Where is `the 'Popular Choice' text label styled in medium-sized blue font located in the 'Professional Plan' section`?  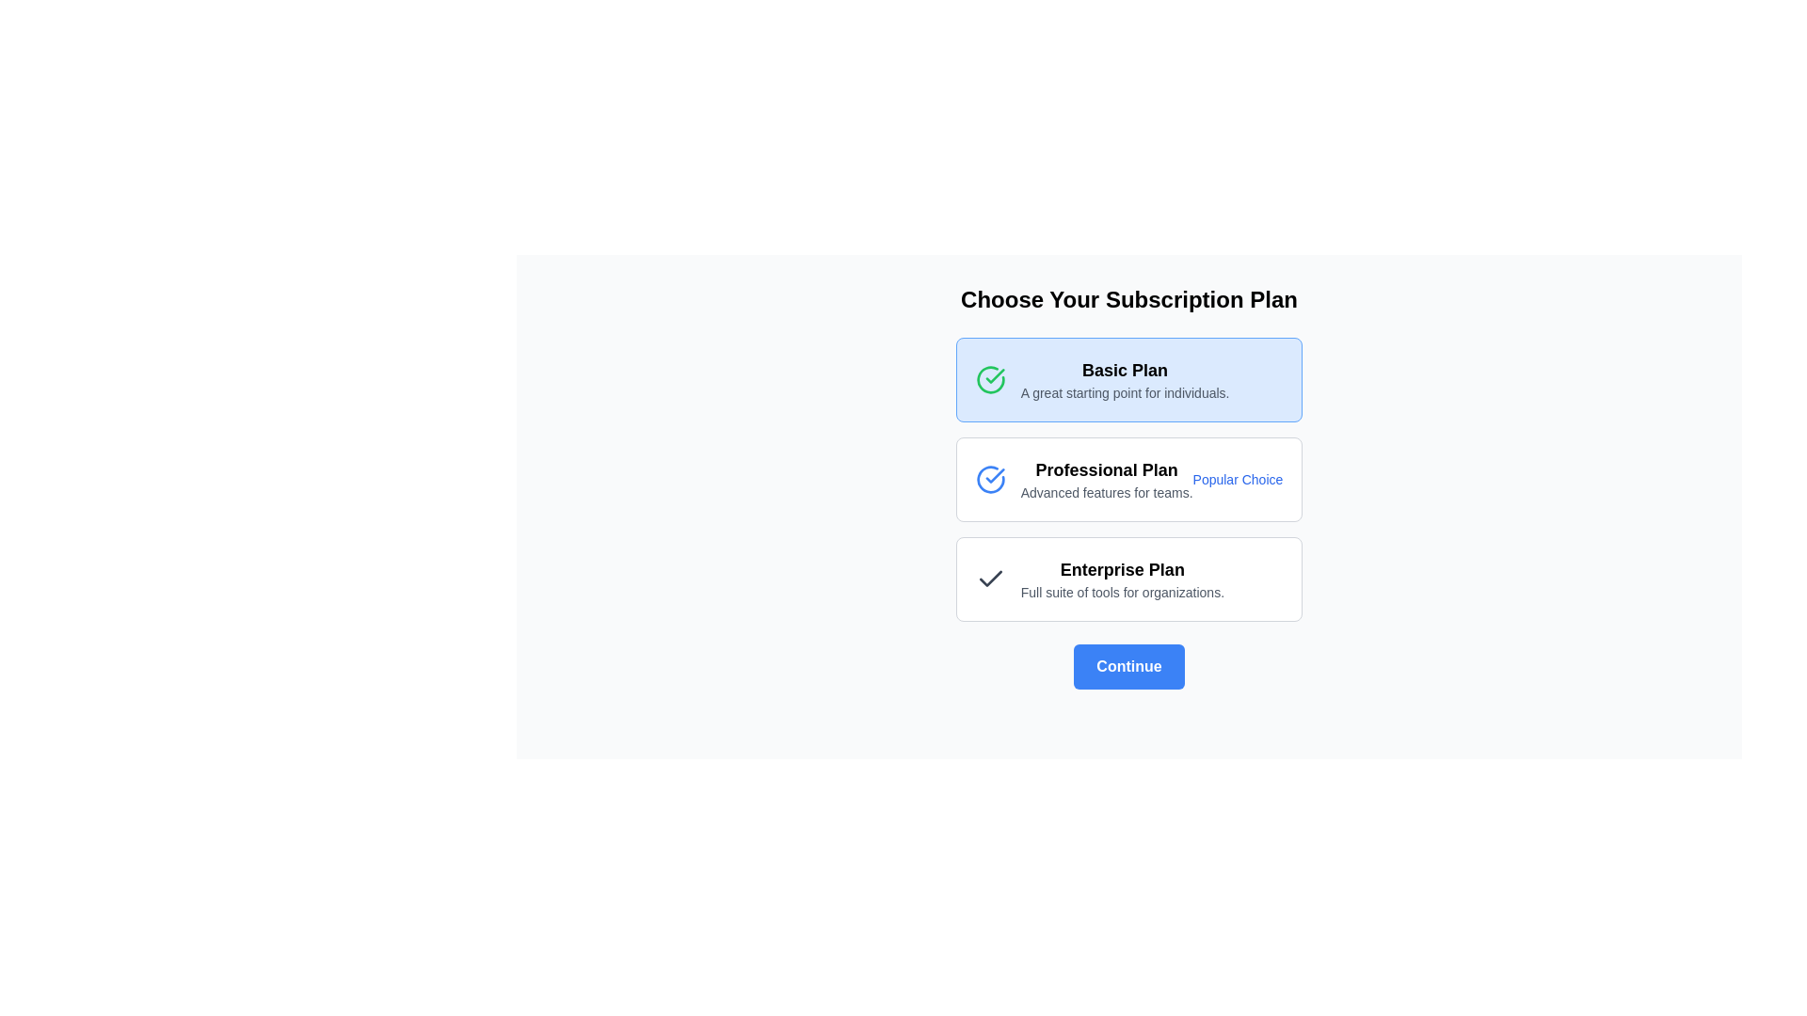 the 'Popular Choice' text label styled in medium-sized blue font located in the 'Professional Plan' section is located at coordinates (1238, 478).